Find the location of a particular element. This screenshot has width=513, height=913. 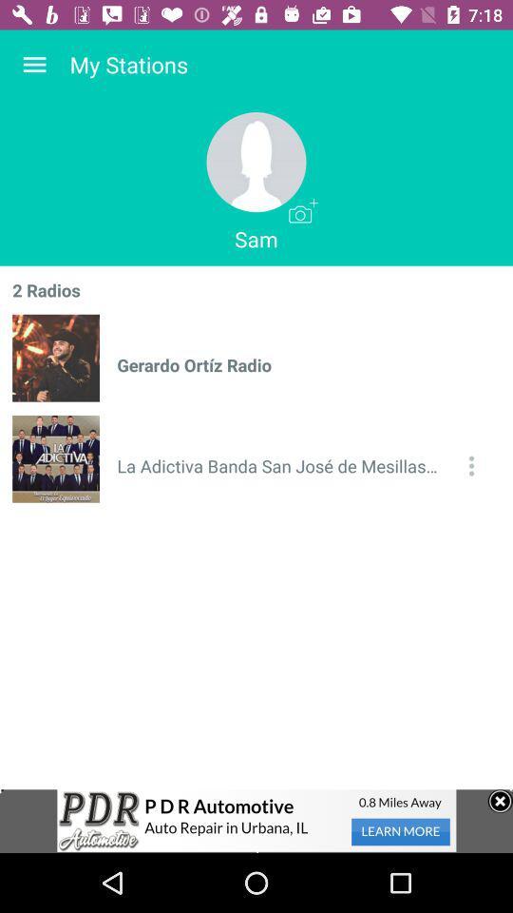

the icon next to the my stations item is located at coordinates (34, 65).